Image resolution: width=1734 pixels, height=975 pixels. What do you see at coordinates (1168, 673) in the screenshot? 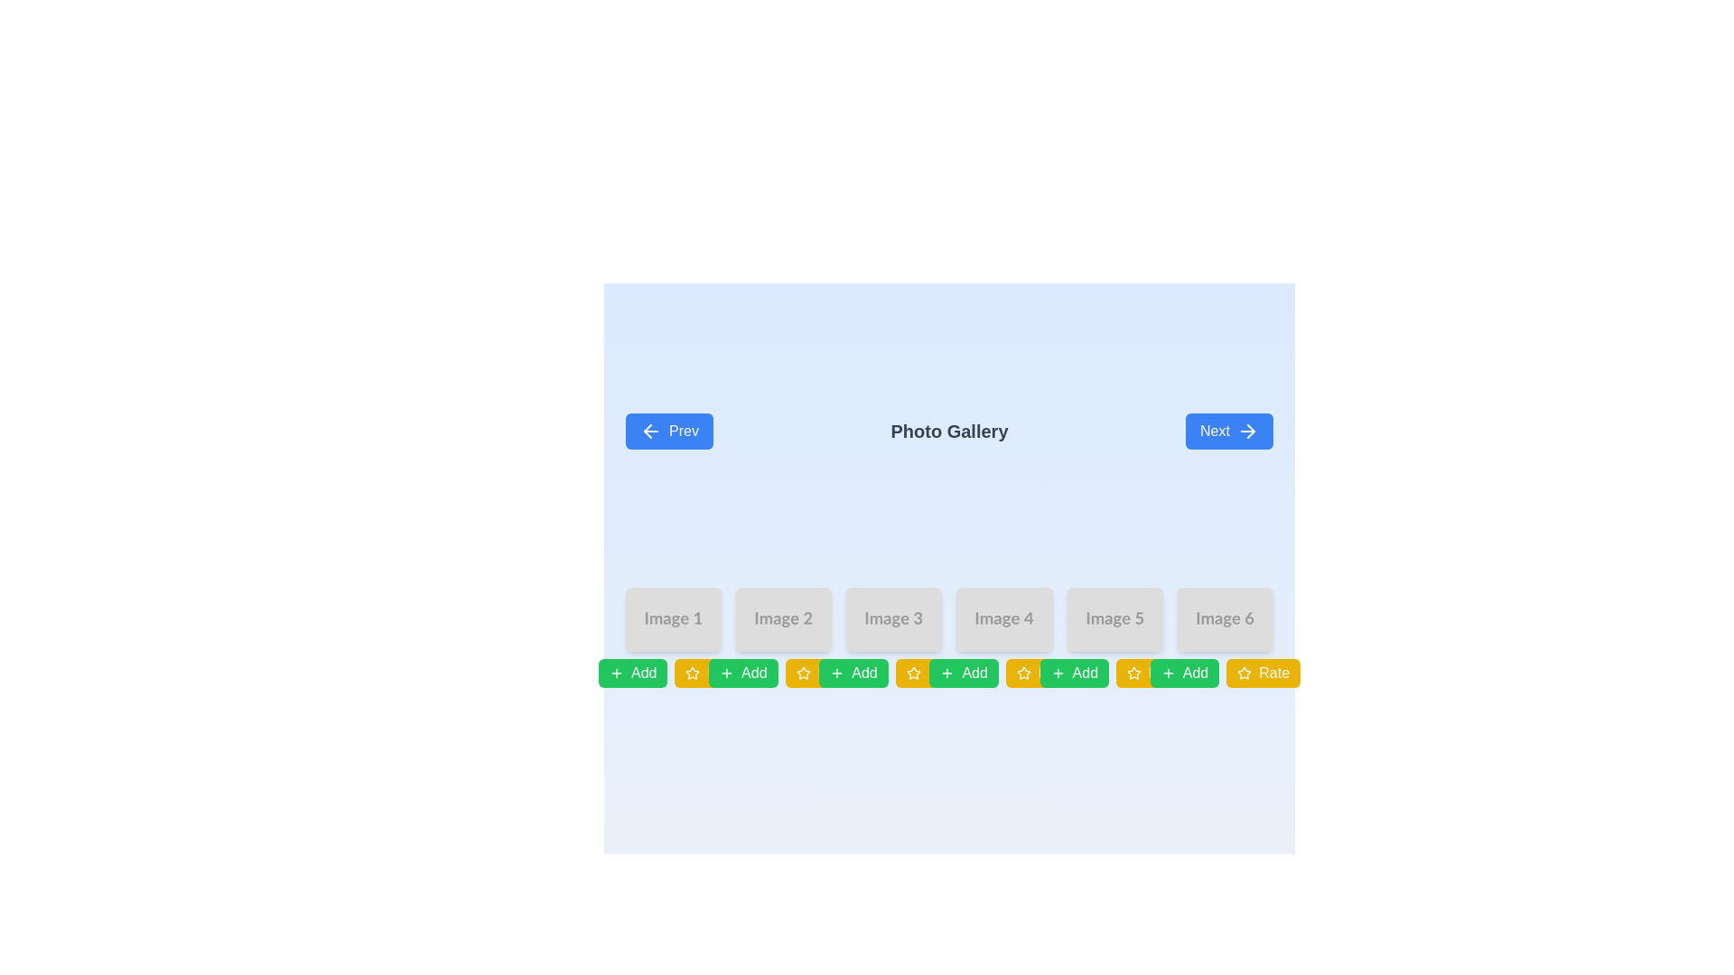
I see `the 'Add' icon, which visually represents the action of adding or creating, located in the green button group below the fifth image thumbnail` at bounding box center [1168, 673].